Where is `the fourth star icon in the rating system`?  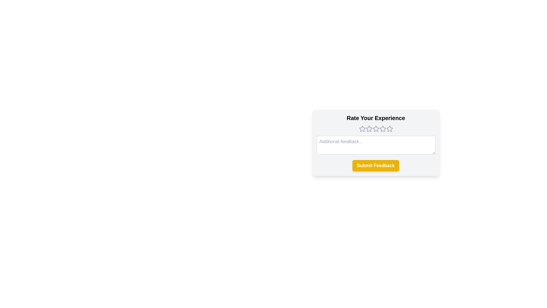
the fourth star icon in the rating system is located at coordinates (389, 129).